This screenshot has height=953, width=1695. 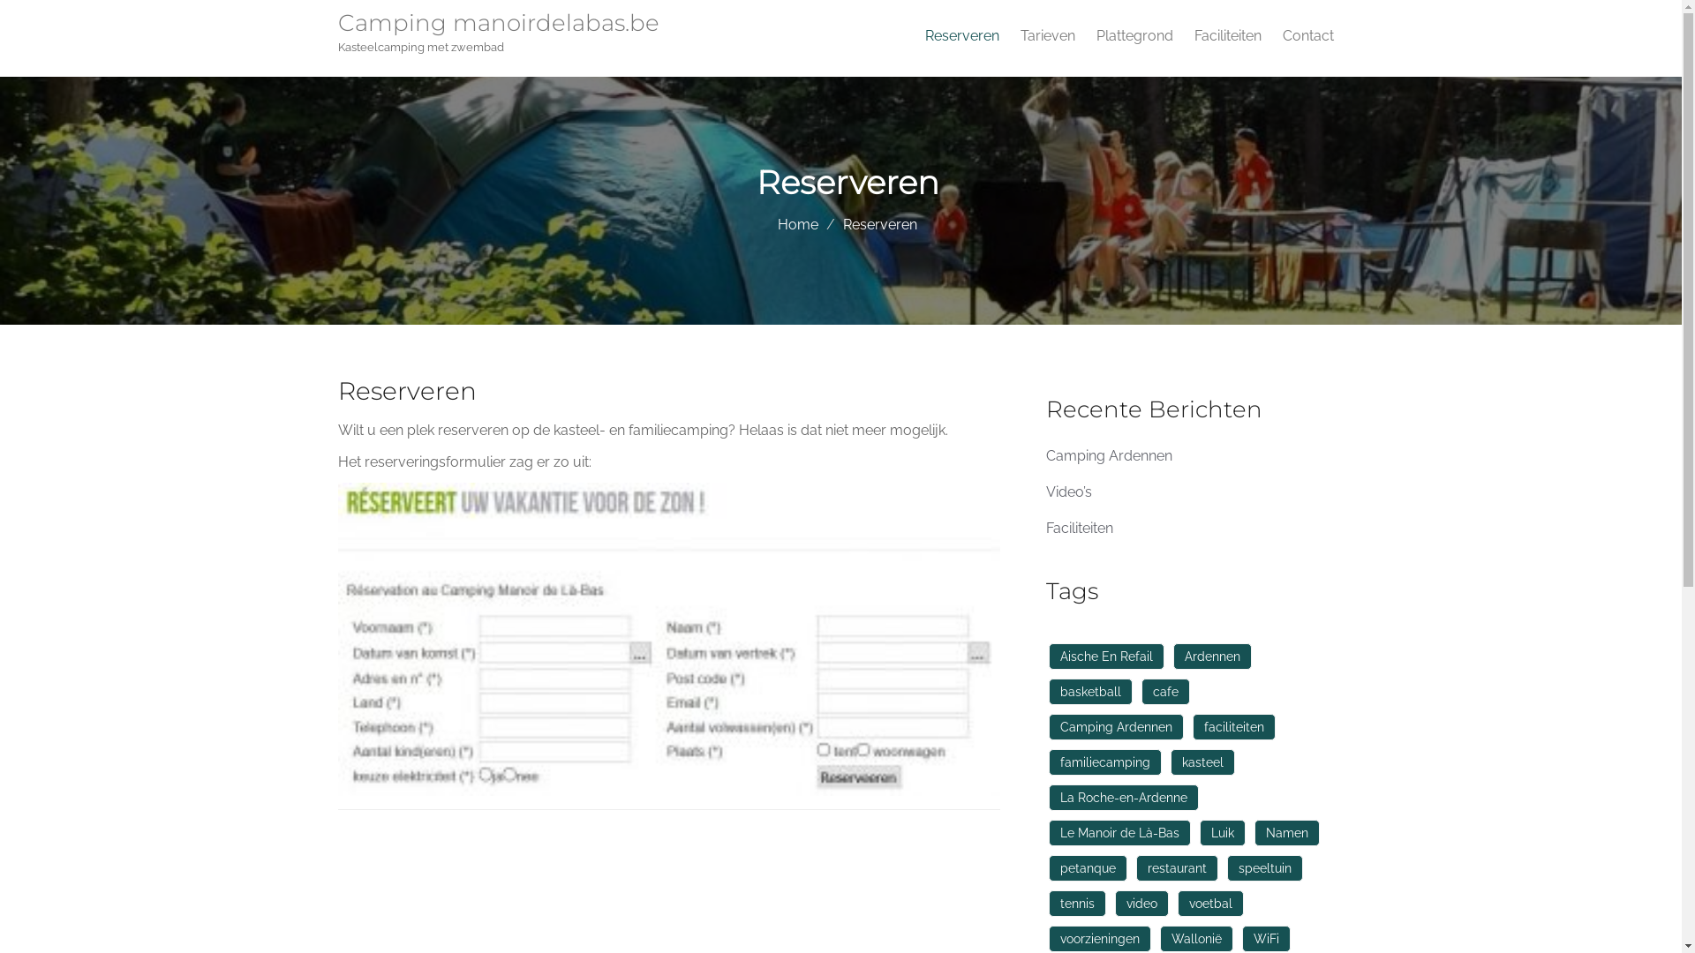 I want to click on 'WiFi', so click(x=1264, y=938).